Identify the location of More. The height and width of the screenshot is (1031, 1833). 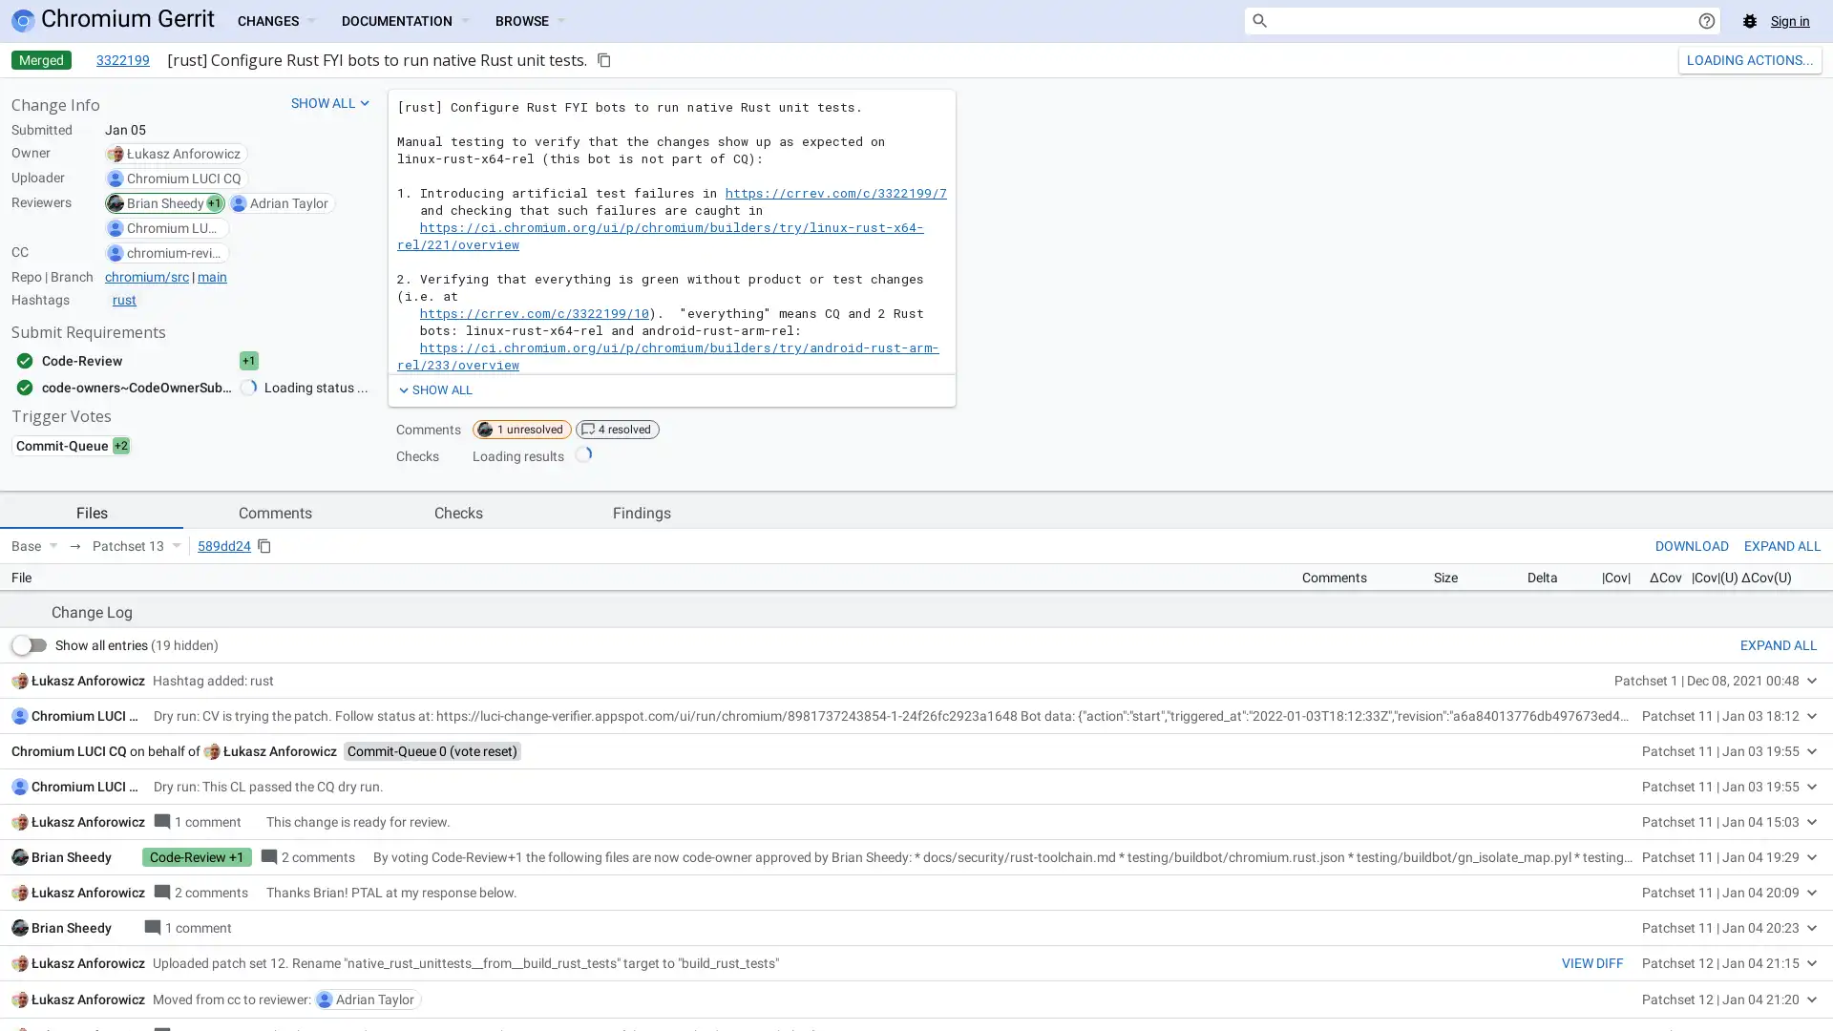
(1807, 58).